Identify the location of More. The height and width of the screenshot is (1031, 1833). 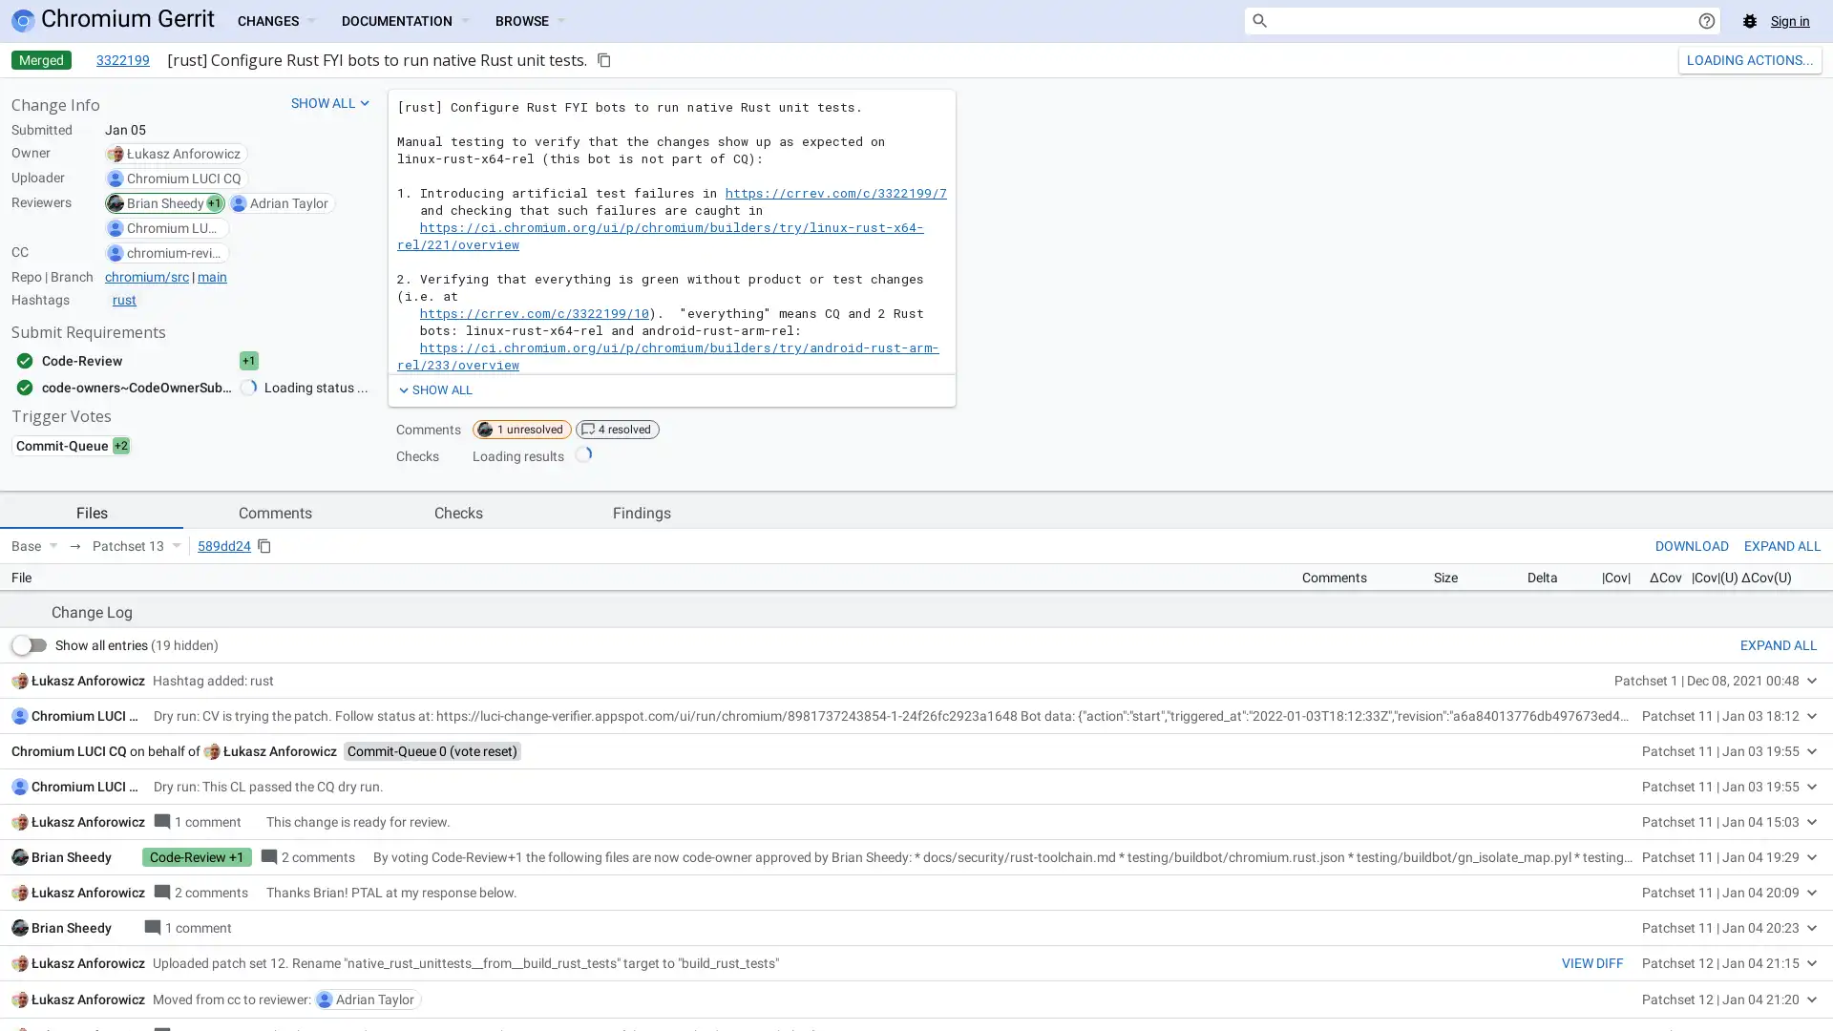
(1807, 58).